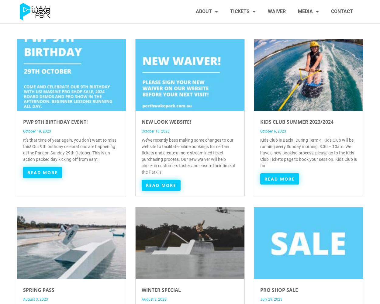 This screenshot has width=380, height=304. Describe the element at coordinates (37, 131) in the screenshot. I see `'October 19, 2023'` at that location.